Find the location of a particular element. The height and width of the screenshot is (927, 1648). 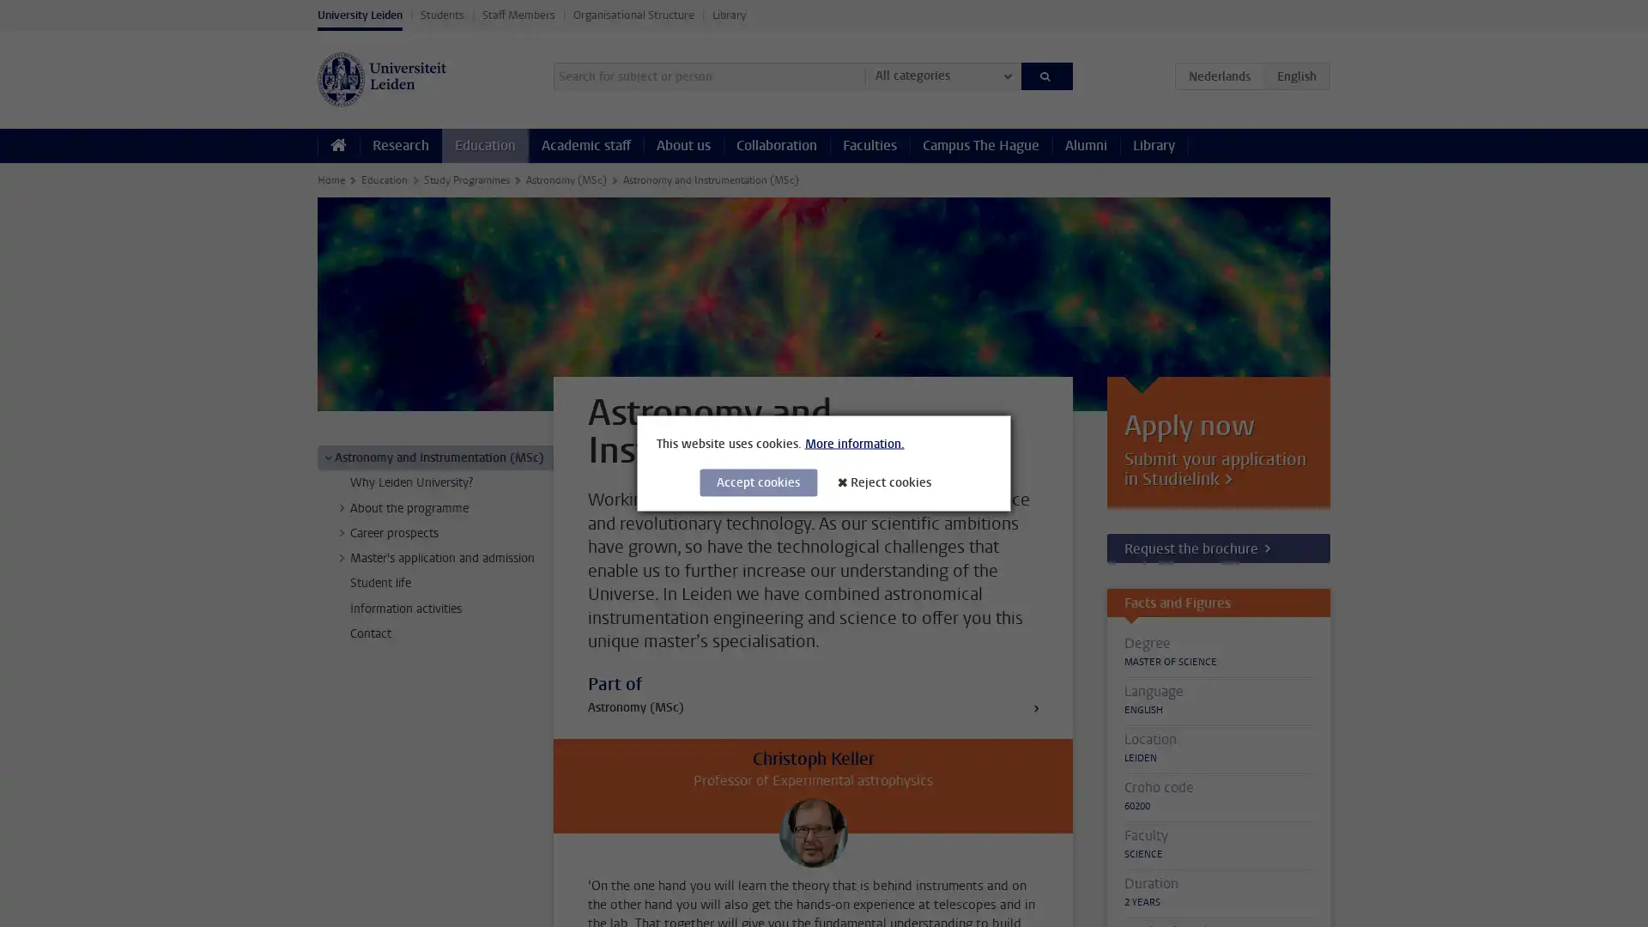

Reject cookies is located at coordinates (890, 482).